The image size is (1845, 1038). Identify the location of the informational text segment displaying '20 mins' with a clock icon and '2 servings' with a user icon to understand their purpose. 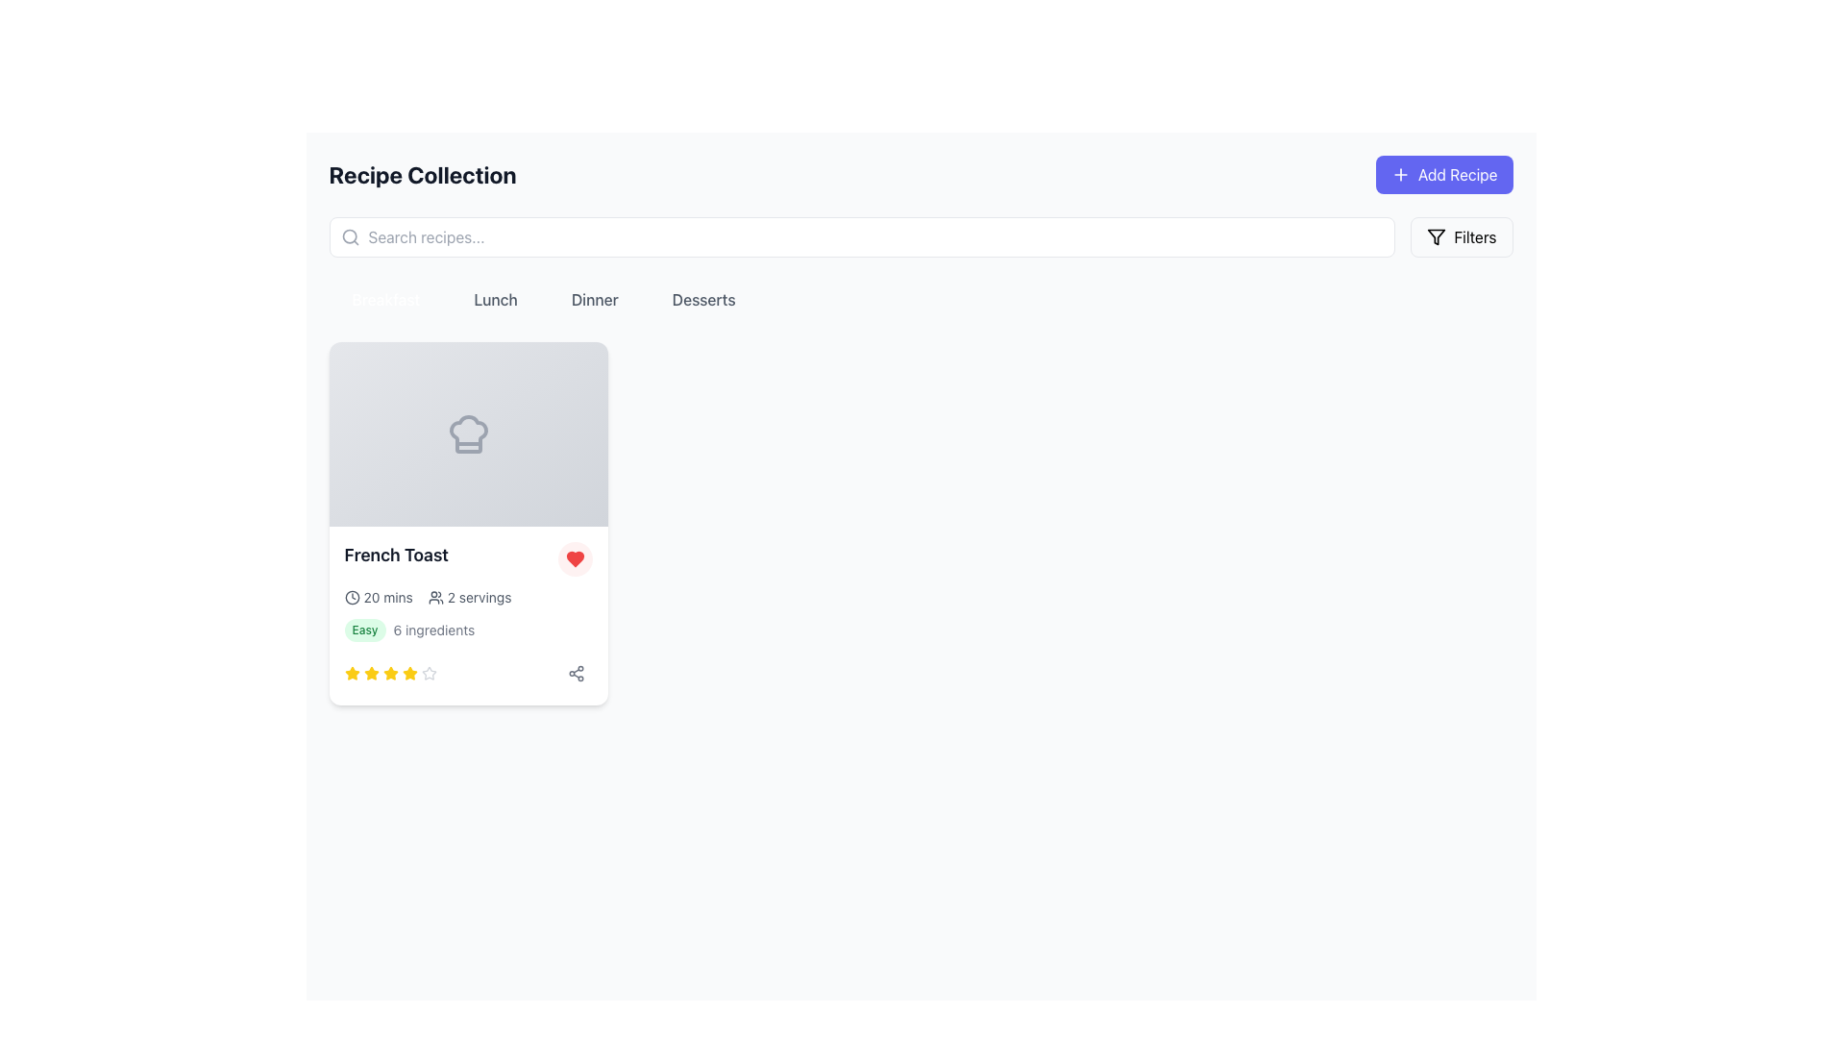
(468, 596).